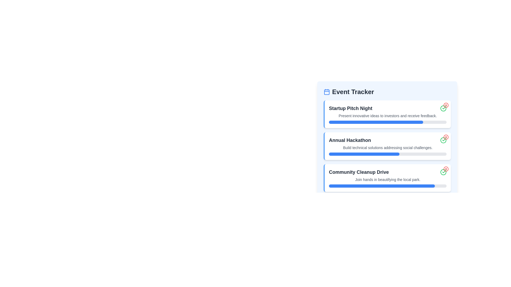 This screenshot has width=511, height=287. What do you see at coordinates (376, 122) in the screenshot?
I see `the horizontal blue progress indicator representing 80% completion in the 'Startup Pitch Night' section of the 'Event Tracker'` at bounding box center [376, 122].